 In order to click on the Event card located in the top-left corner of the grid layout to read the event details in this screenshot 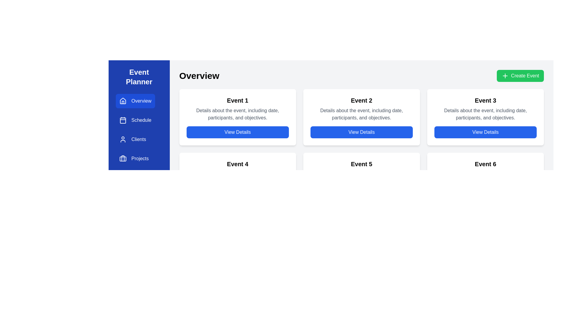, I will do `click(237, 117)`.